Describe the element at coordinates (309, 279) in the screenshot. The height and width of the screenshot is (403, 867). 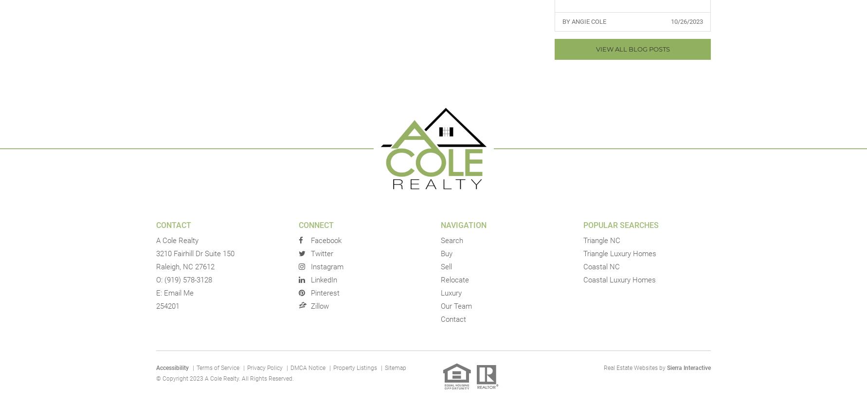
I see `'LinkedIn'` at that location.